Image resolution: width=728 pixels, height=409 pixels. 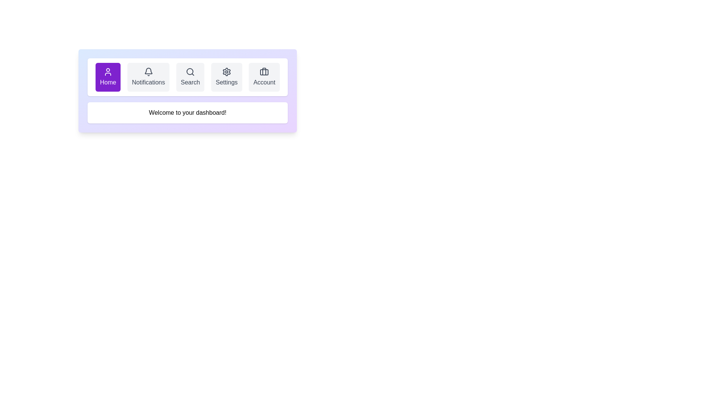 What do you see at coordinates (264, 77) in the screenshot?
I see `the rightmost navigation button` at bounding box center [264, 77].